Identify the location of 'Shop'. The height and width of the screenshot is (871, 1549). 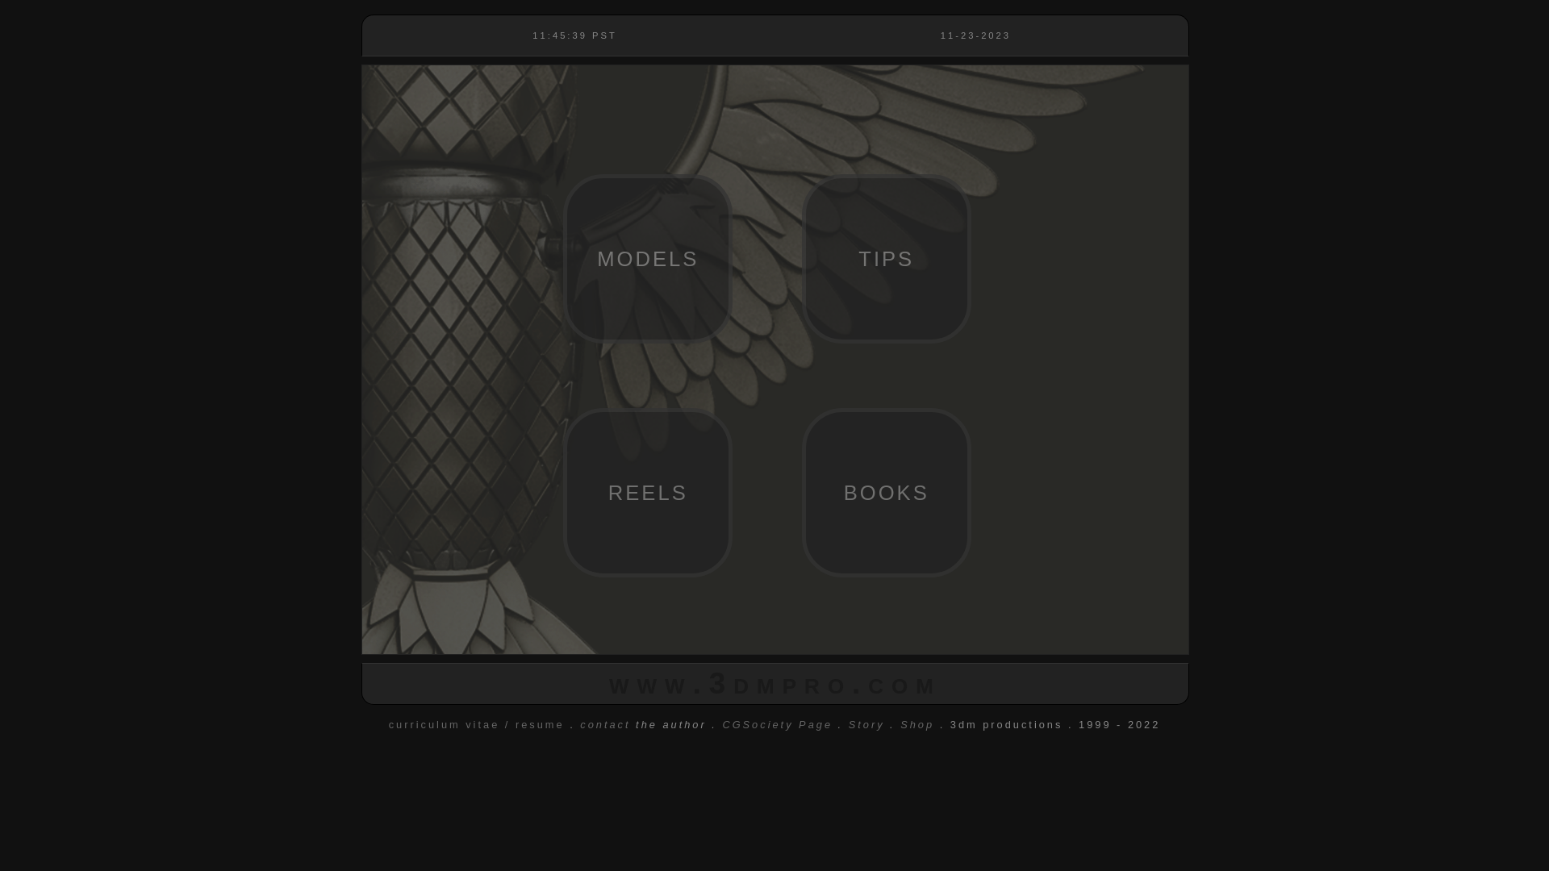
(917, 723).